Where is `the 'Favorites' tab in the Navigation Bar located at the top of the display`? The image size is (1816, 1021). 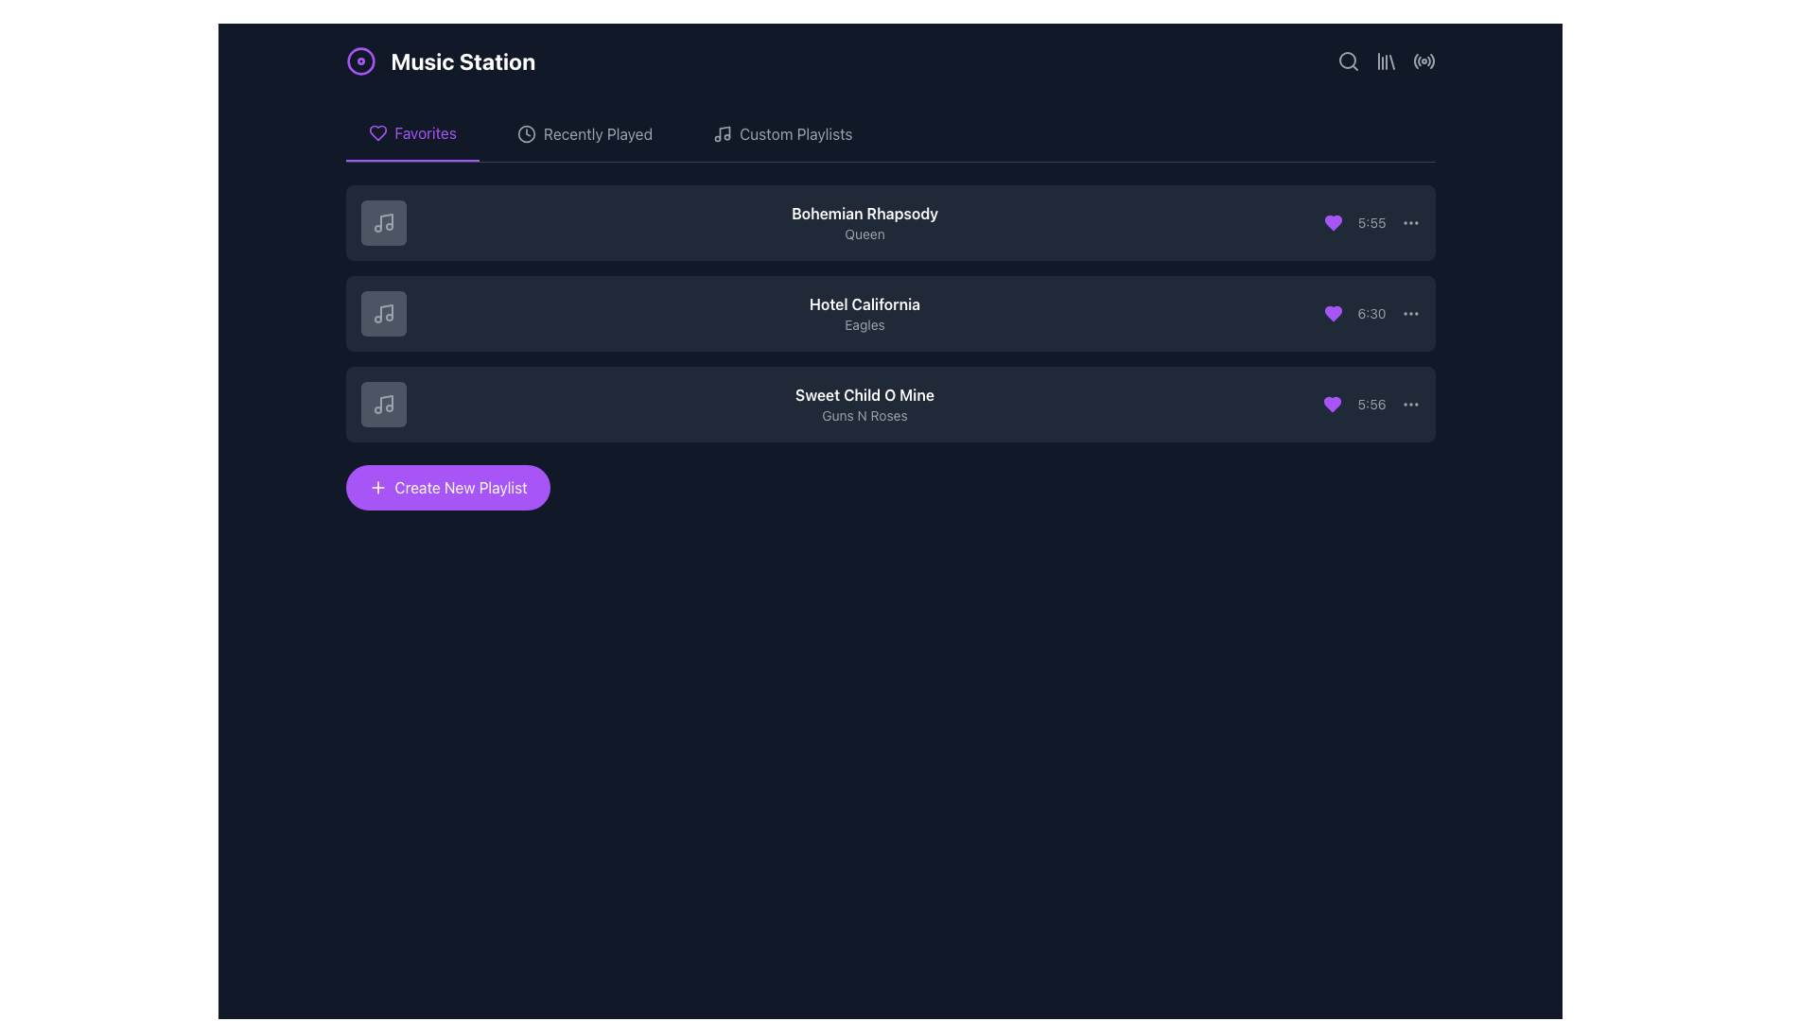 the 'Favorites' tab in the Navigation Bar located at the top of the display is located at coordinates (889, 133).